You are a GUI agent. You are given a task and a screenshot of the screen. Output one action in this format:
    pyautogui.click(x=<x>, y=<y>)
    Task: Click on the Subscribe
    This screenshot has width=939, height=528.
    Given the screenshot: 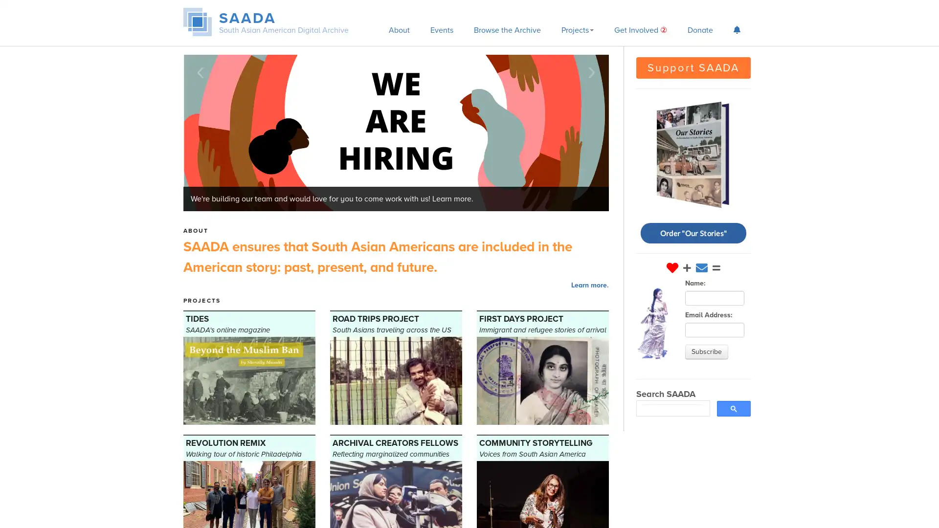 What is the action you would take?
    pyautogui.click(x=706, y=352)
    